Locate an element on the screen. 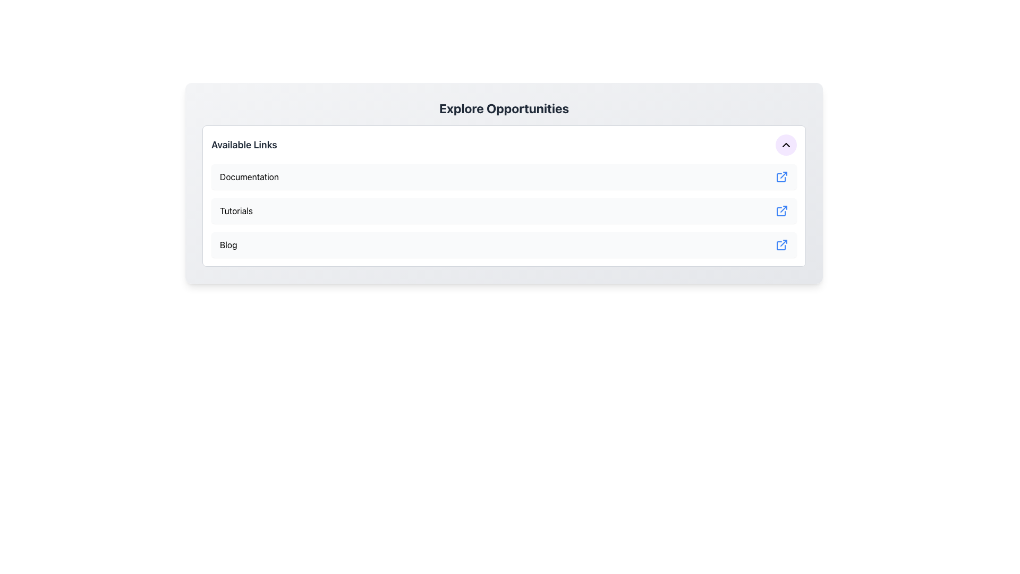 The height and width of the screenshot is (574, 1020). the 'Tutorials' text label, which is positioned below the 'Documentation' item and above the 'Blog' item in a vertically stacked list is located at coordinates (236, 211).